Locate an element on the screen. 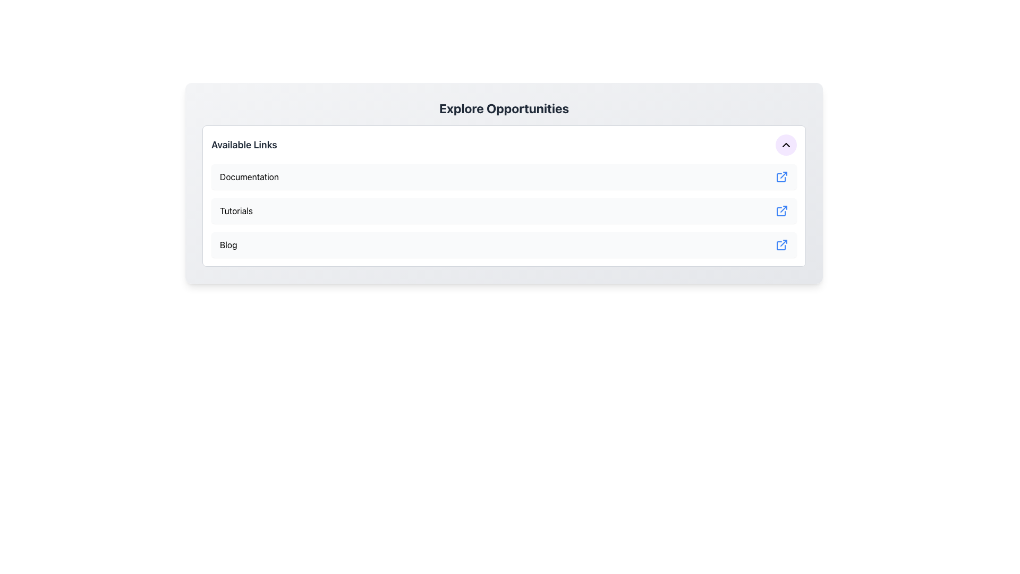 The height and width of the screenshot is (574, 1020). the 'Tutorials' text label, which is positioned below the 'Documentation' item and above the 'Blog' item in a vertically stacked list is located at coordinates (236, 211).